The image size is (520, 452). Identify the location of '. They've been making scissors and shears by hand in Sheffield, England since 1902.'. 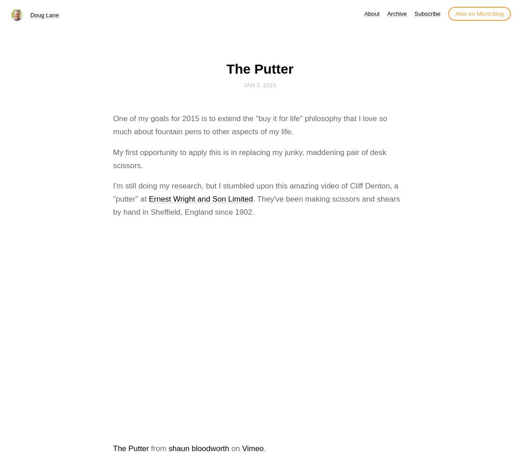
(256, 205).